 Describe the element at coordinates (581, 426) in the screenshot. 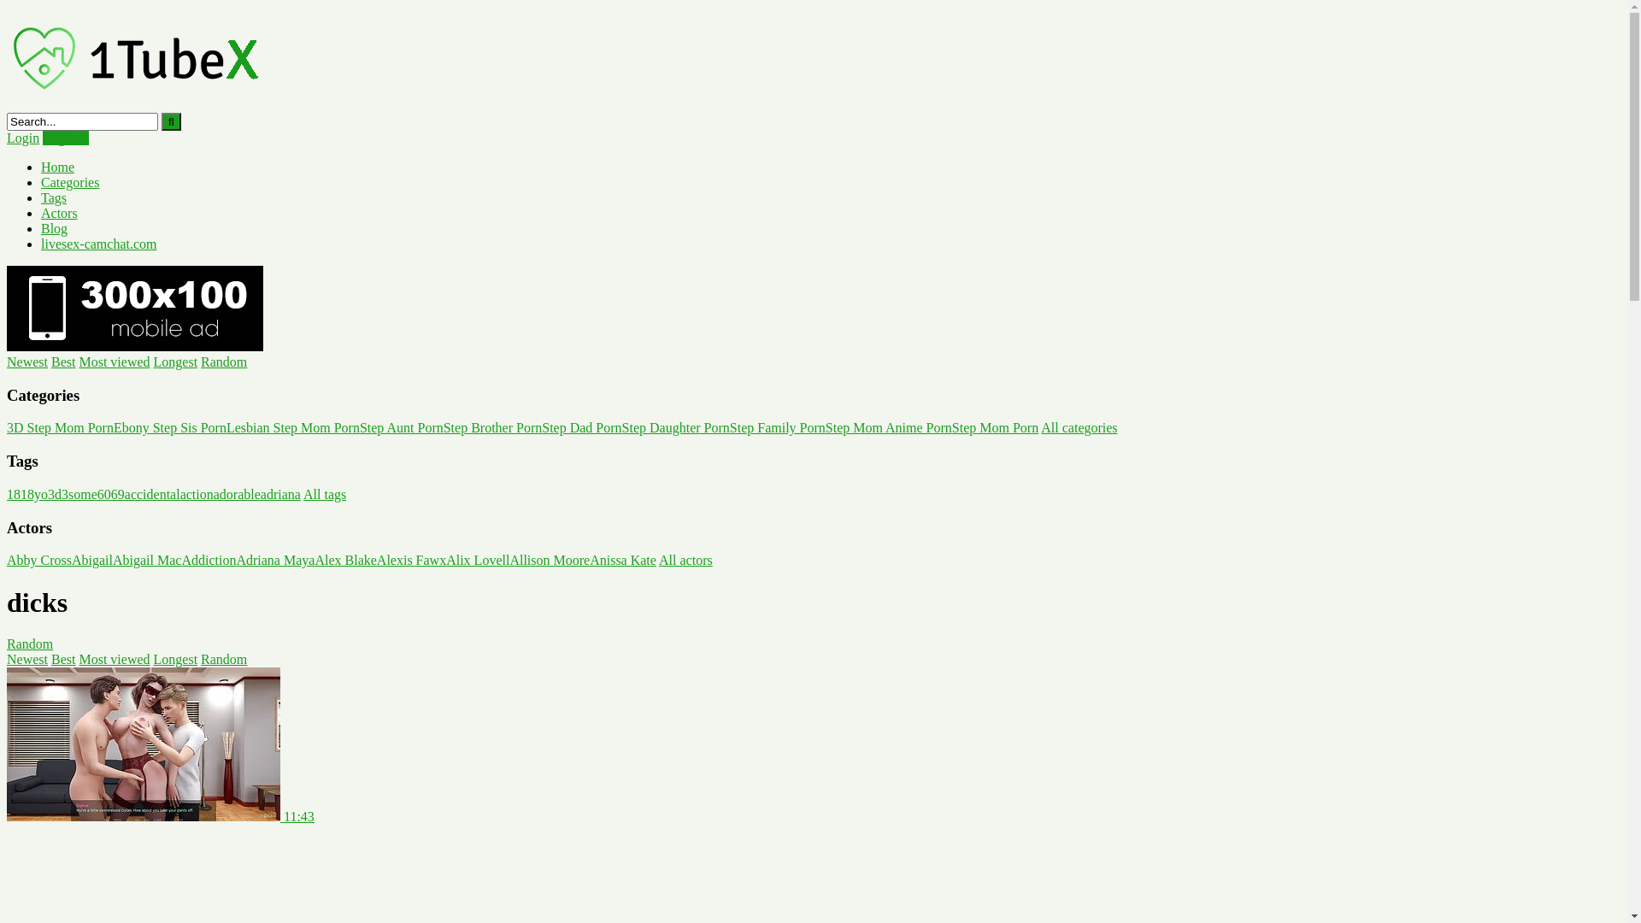

I see `'Step Dad Porn'` at that location.